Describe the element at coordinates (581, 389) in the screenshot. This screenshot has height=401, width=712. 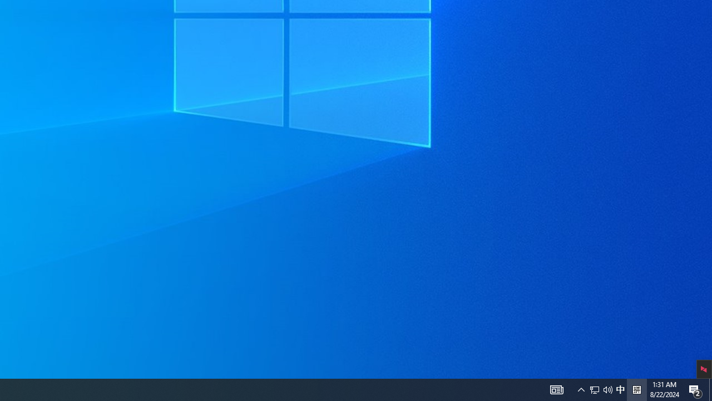
I see `'Notification Chevron'` at that location.